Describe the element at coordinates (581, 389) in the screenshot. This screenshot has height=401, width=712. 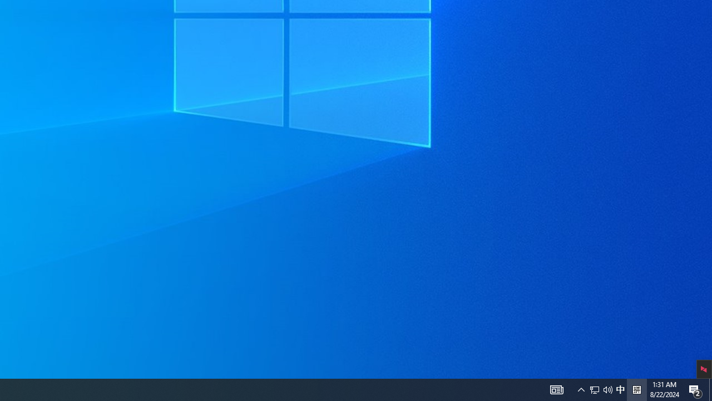
I see `'Notification Chevron'` at that location.